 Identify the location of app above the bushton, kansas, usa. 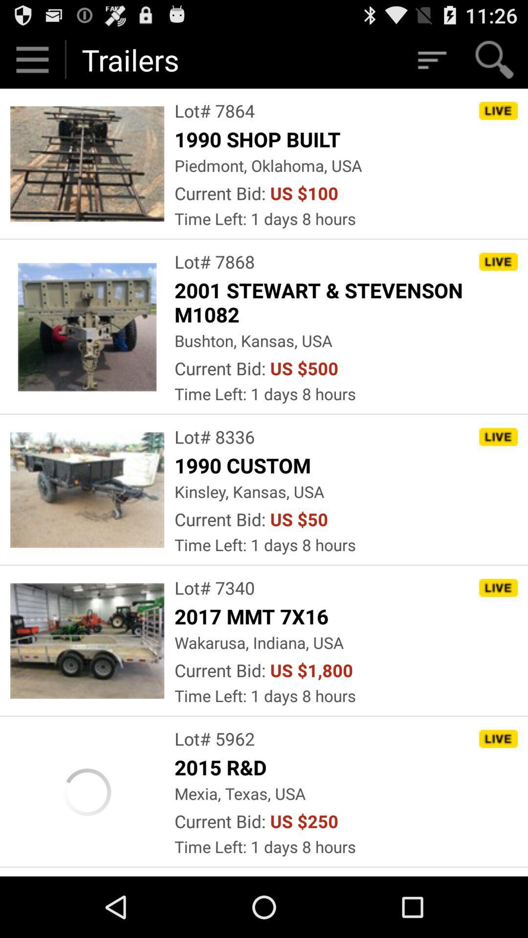
(346, 301).